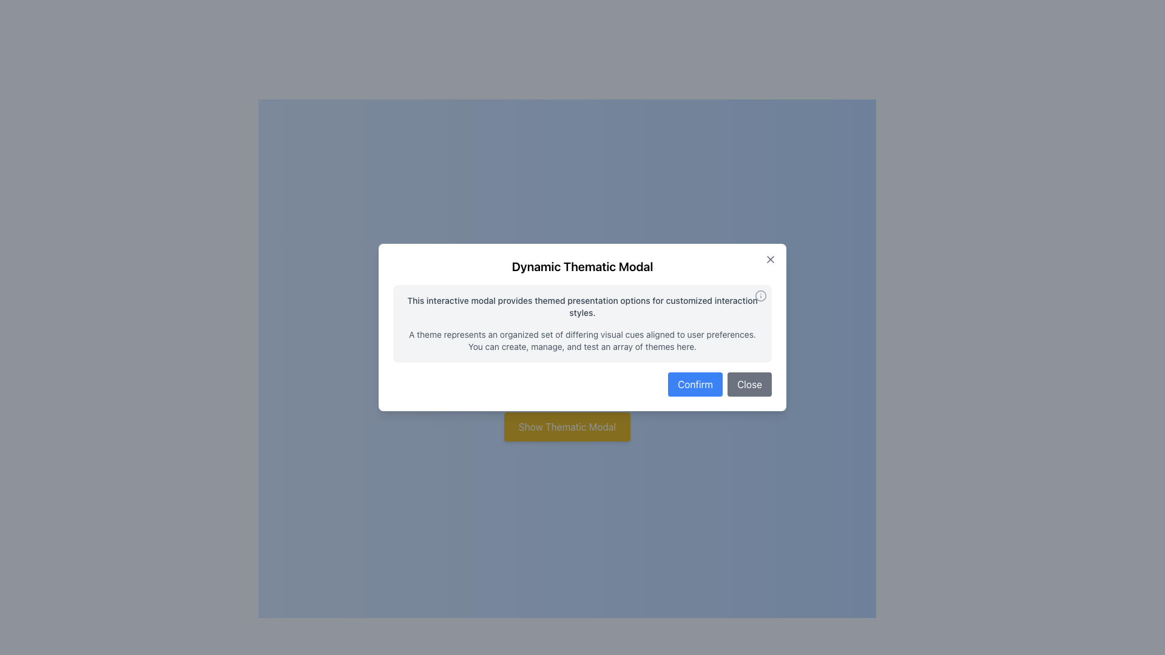 The width and height of the screenshot is (1165, 655). Describe the element at coordinates (749, 384) in the screenshot. I see `the second button in the horizontal button group on the right side of the modal footer to observe the hover effect` at that location.